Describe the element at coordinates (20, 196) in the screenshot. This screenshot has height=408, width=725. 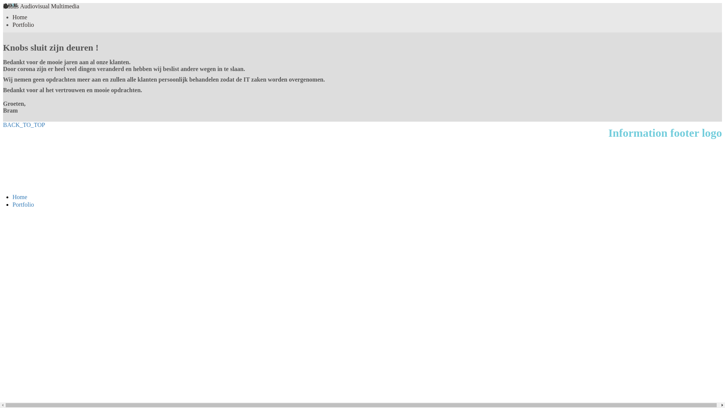
I see `'Home'` at that location.